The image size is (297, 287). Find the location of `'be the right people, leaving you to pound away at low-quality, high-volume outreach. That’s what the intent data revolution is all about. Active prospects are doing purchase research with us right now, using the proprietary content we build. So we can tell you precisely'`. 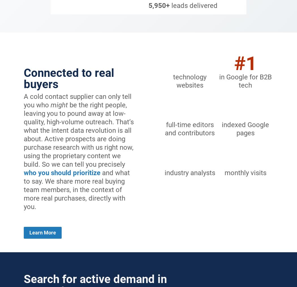

'be the right people, leaving you to pound away at low-quality, high-volume outreach. That’s what the intent data revolution is all about. Active prospects are doing purchase research with us right now, using the proprietary content we build. So we can tell you precisely' is located at coordinates (78, 134).